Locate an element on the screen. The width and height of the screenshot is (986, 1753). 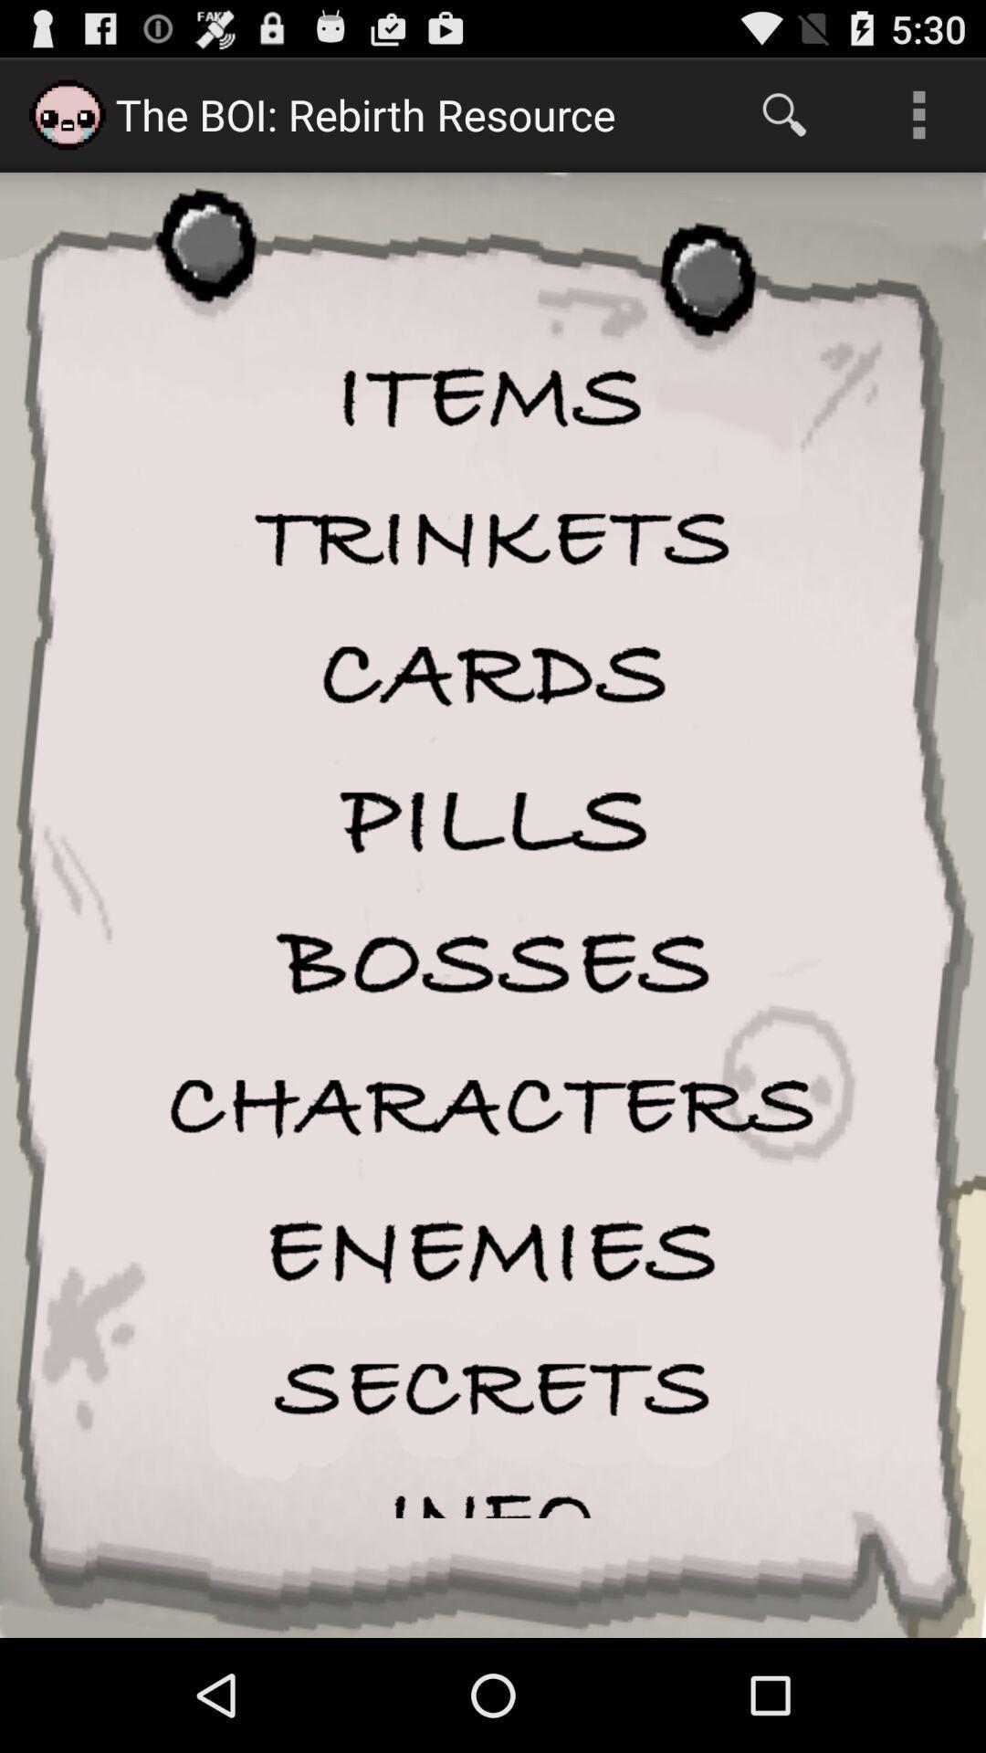
secrets option is located at coordinates (493, 1388).